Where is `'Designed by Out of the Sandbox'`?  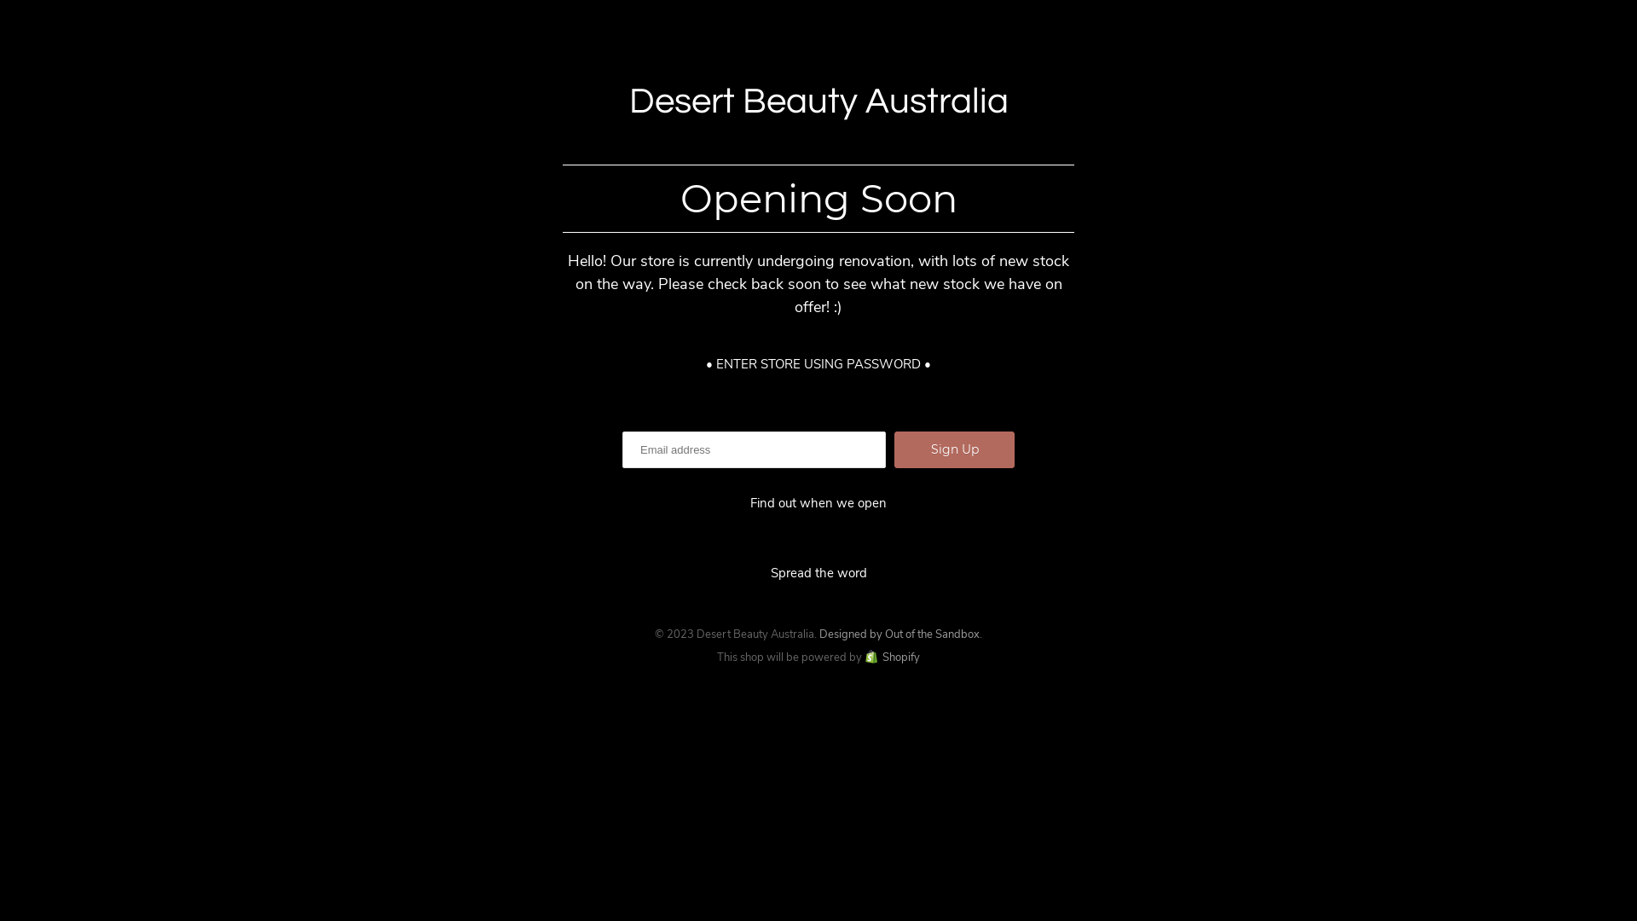 'Designed by Out of the Sandbox' is located at coordinates (899, 634).